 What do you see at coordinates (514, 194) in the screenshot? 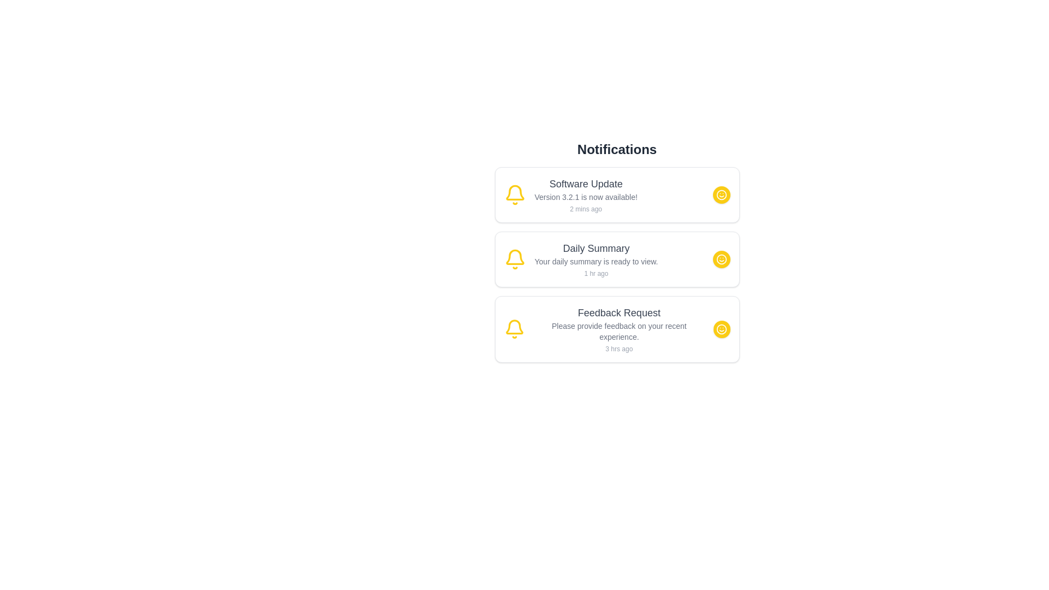
I see `the notification bell icon to focus on it` at bounding box center [514, 194].